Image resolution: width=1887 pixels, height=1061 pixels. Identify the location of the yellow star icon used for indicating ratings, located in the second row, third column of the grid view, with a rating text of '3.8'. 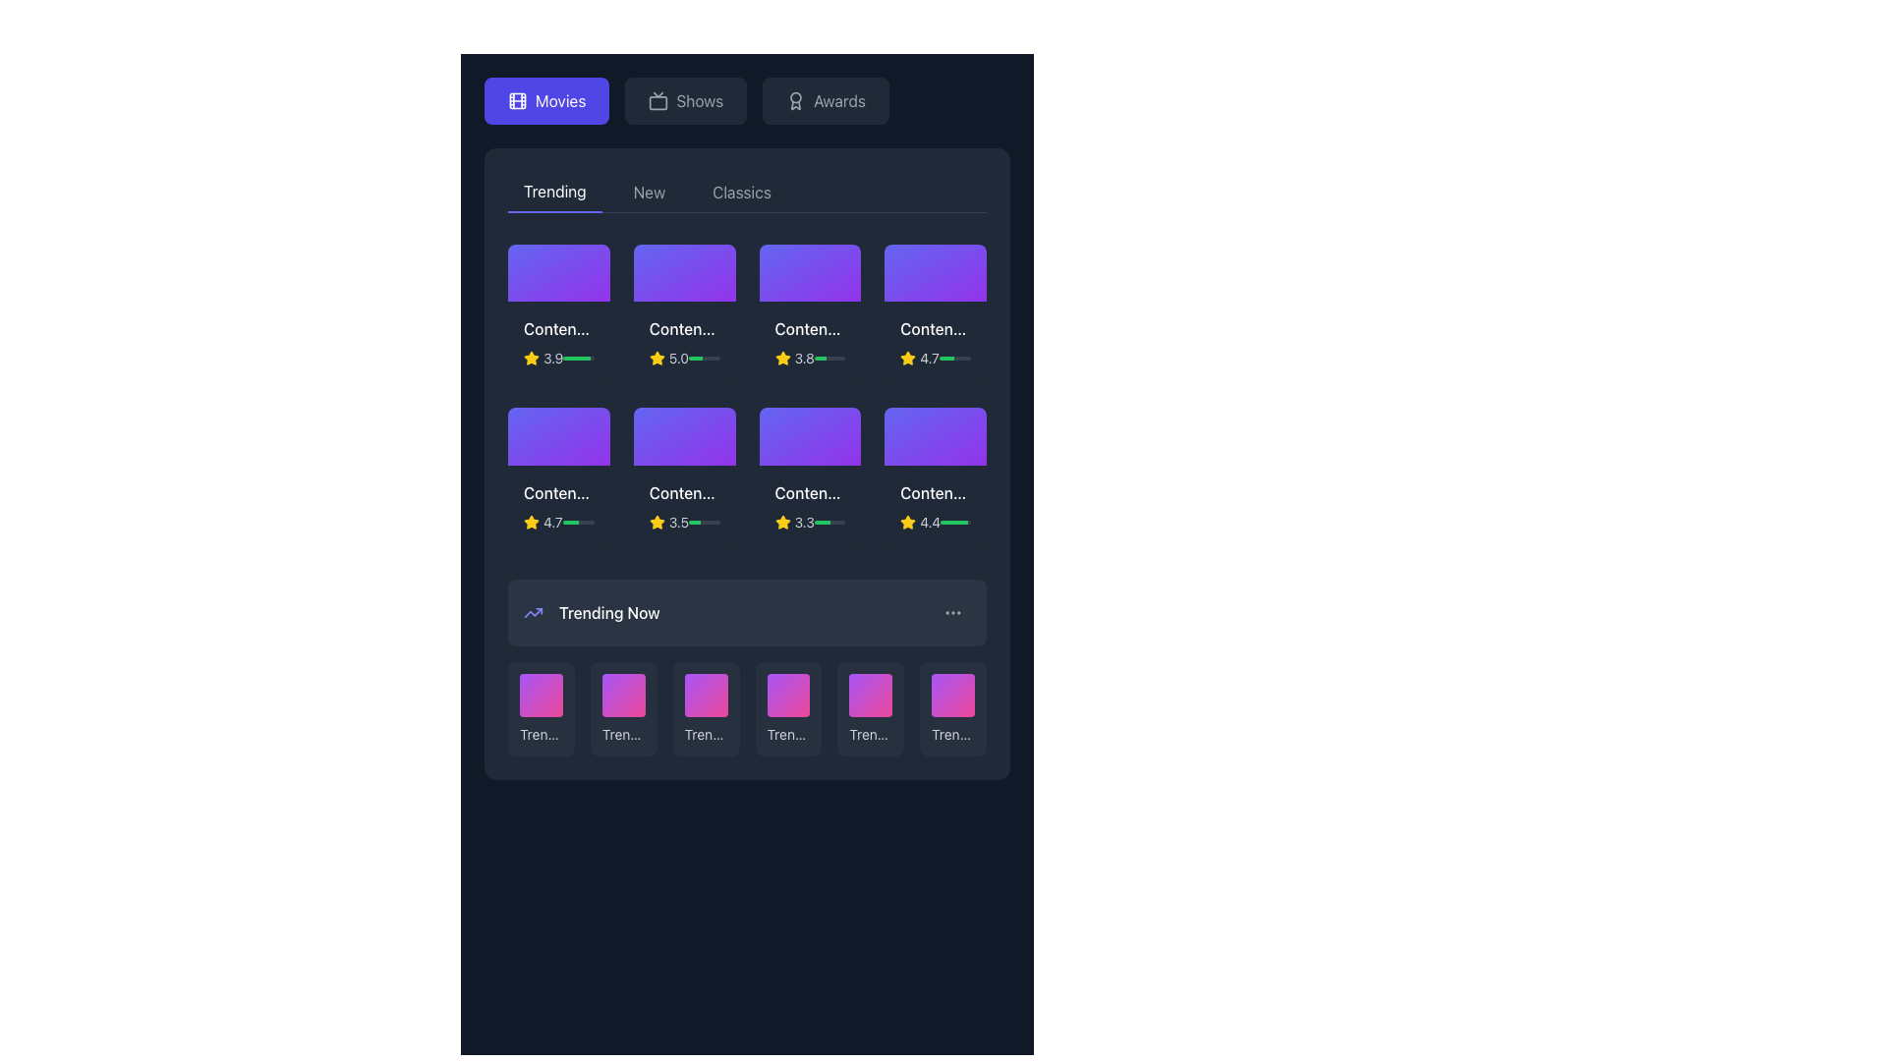
(781, 359).